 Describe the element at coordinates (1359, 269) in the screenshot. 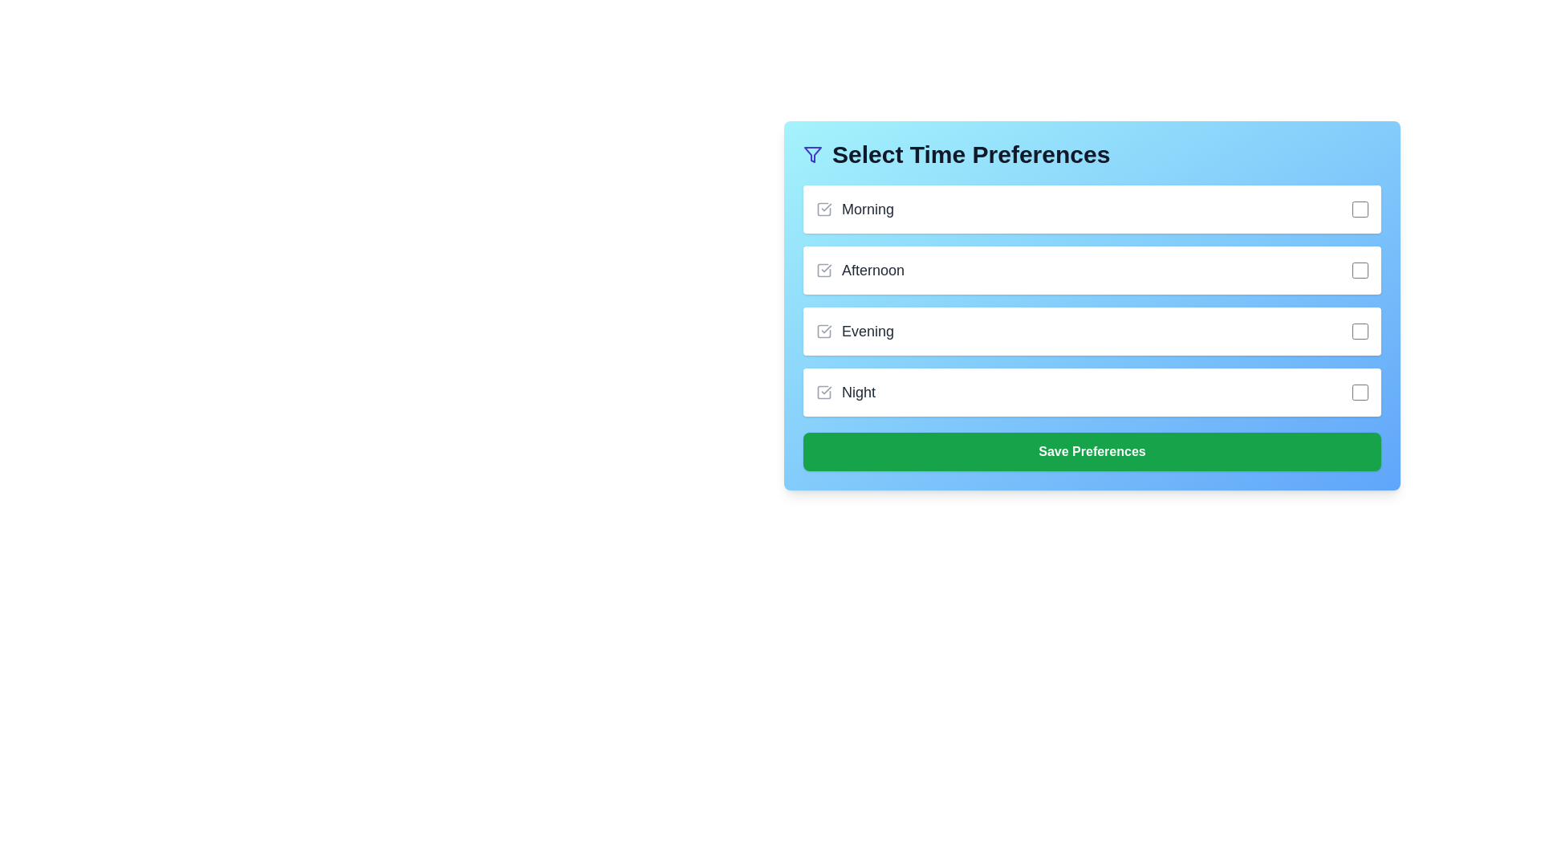

I see `the checkbox located at the far right edge of the row labeled 'Afternoon'` at that location.